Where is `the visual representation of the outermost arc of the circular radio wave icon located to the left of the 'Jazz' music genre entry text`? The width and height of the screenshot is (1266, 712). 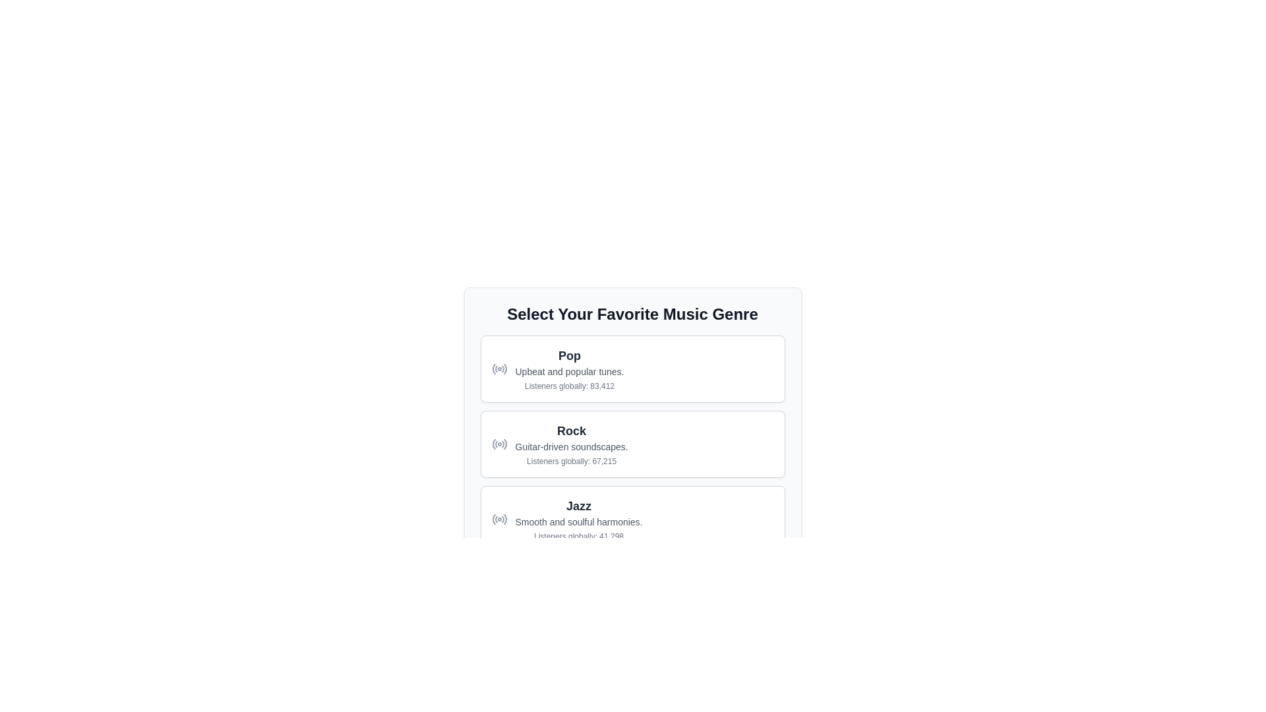 the visual representation of the outermost arc of the circular radio wave icon located to the left of the 'Jazz' music genre entry text is located at coordinates (504, 518).